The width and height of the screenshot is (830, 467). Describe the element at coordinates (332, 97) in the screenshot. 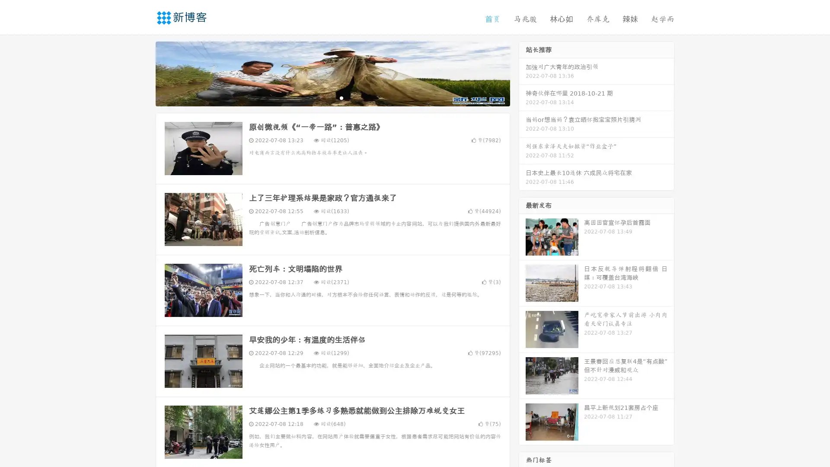

I see `Go to slide 2` at that location.